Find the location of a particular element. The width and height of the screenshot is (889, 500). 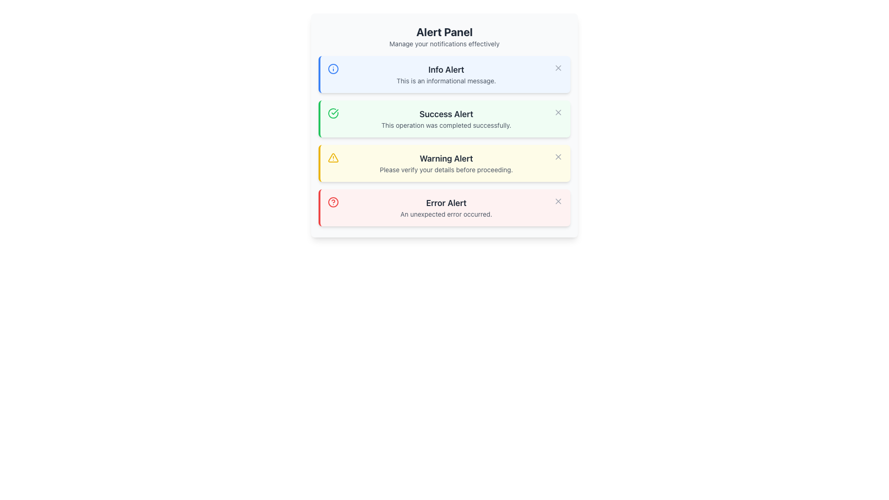

the circular blue icon with an outlined structure located to the left of the 'Info Alert' text is located at coordinates (333, 69).